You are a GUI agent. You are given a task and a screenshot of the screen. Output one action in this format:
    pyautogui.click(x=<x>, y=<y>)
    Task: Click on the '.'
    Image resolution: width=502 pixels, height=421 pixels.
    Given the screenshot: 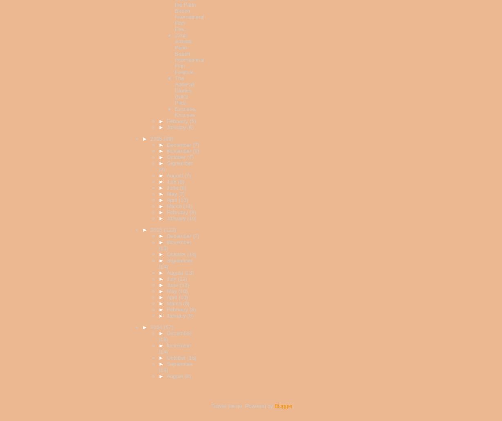 What is the action you would take?
    pyautogui.click(x=292, y=405)
    